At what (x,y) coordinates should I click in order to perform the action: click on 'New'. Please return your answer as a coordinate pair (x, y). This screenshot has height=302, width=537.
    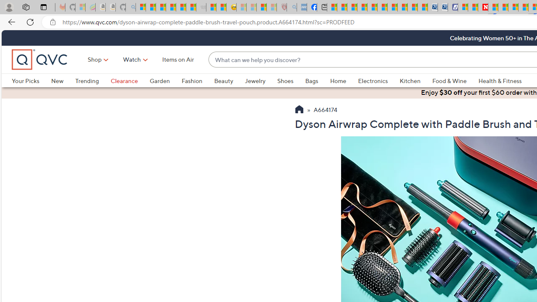
    Looking at the image, I should click on (63, 81).